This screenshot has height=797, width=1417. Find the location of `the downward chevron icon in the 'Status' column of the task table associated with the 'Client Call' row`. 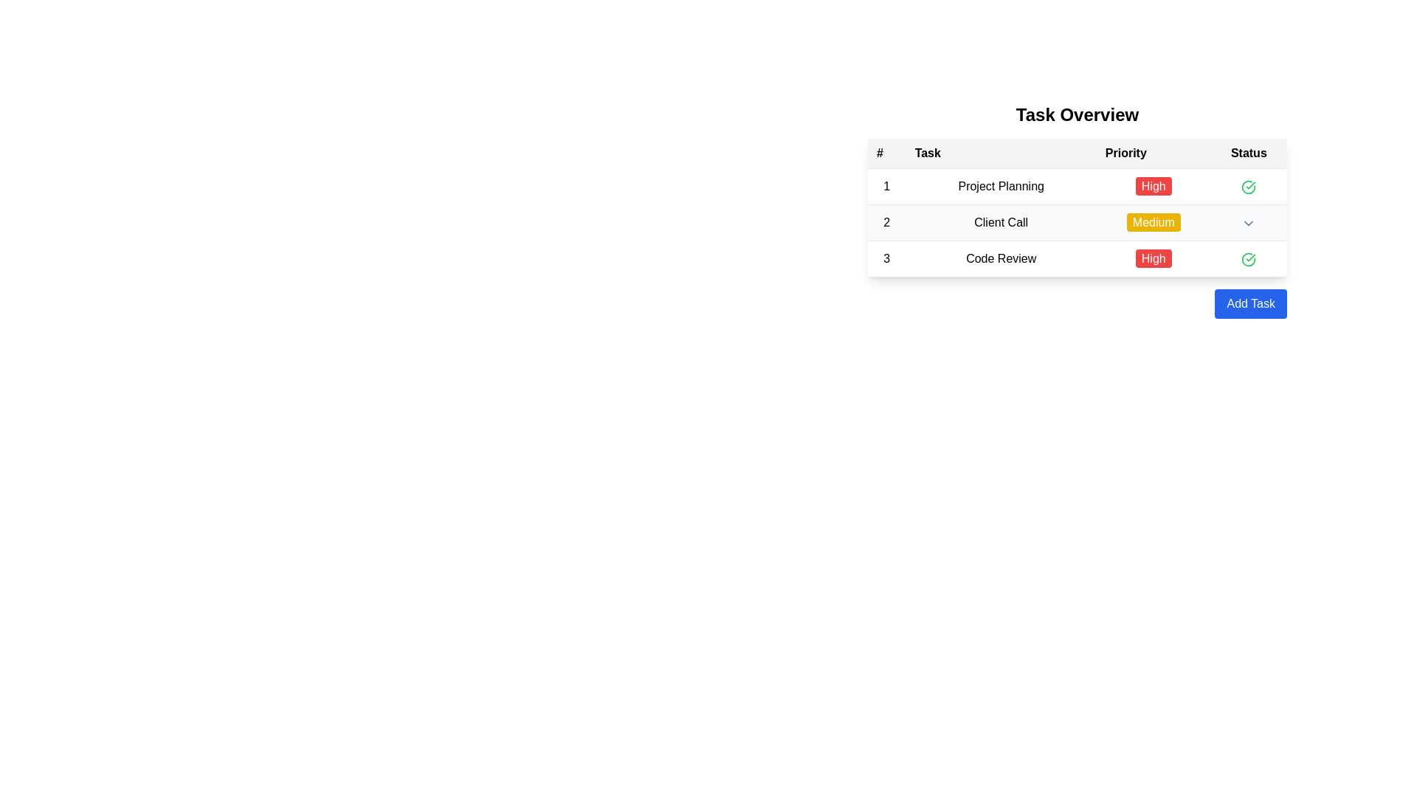

the downward chevron icon in the 'Status' column of the task table associated with the 'Client Call' row is located at coordinates (1248, 223).